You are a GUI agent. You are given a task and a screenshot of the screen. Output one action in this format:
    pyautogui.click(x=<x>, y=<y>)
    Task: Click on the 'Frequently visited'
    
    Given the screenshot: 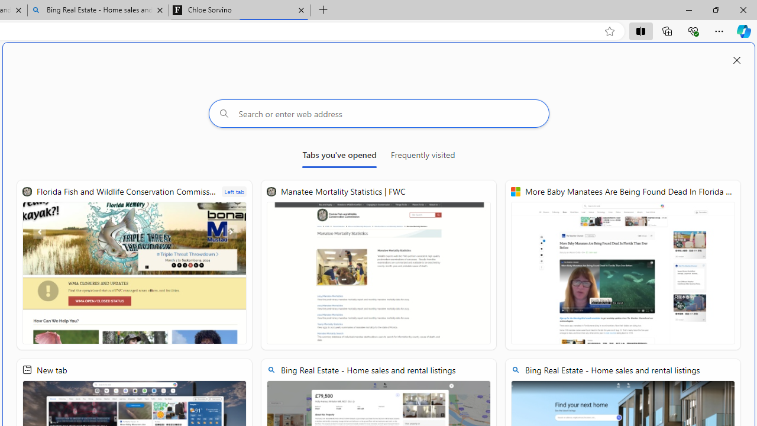 What is the action you would take?
    pyautogui.click(x=423, y=157)
    